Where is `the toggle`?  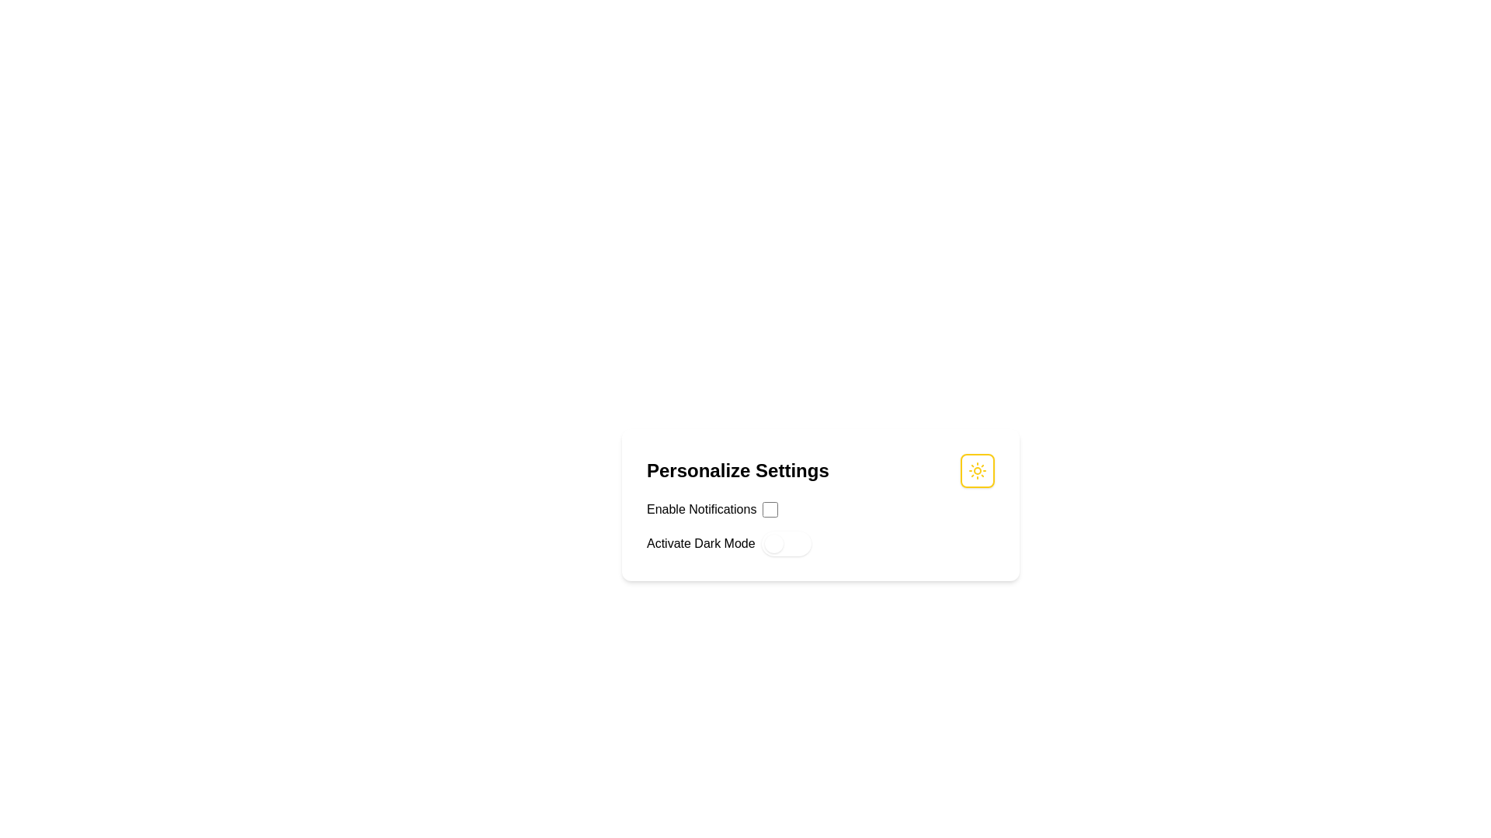
the toggle is located at coordinates (774, 543).